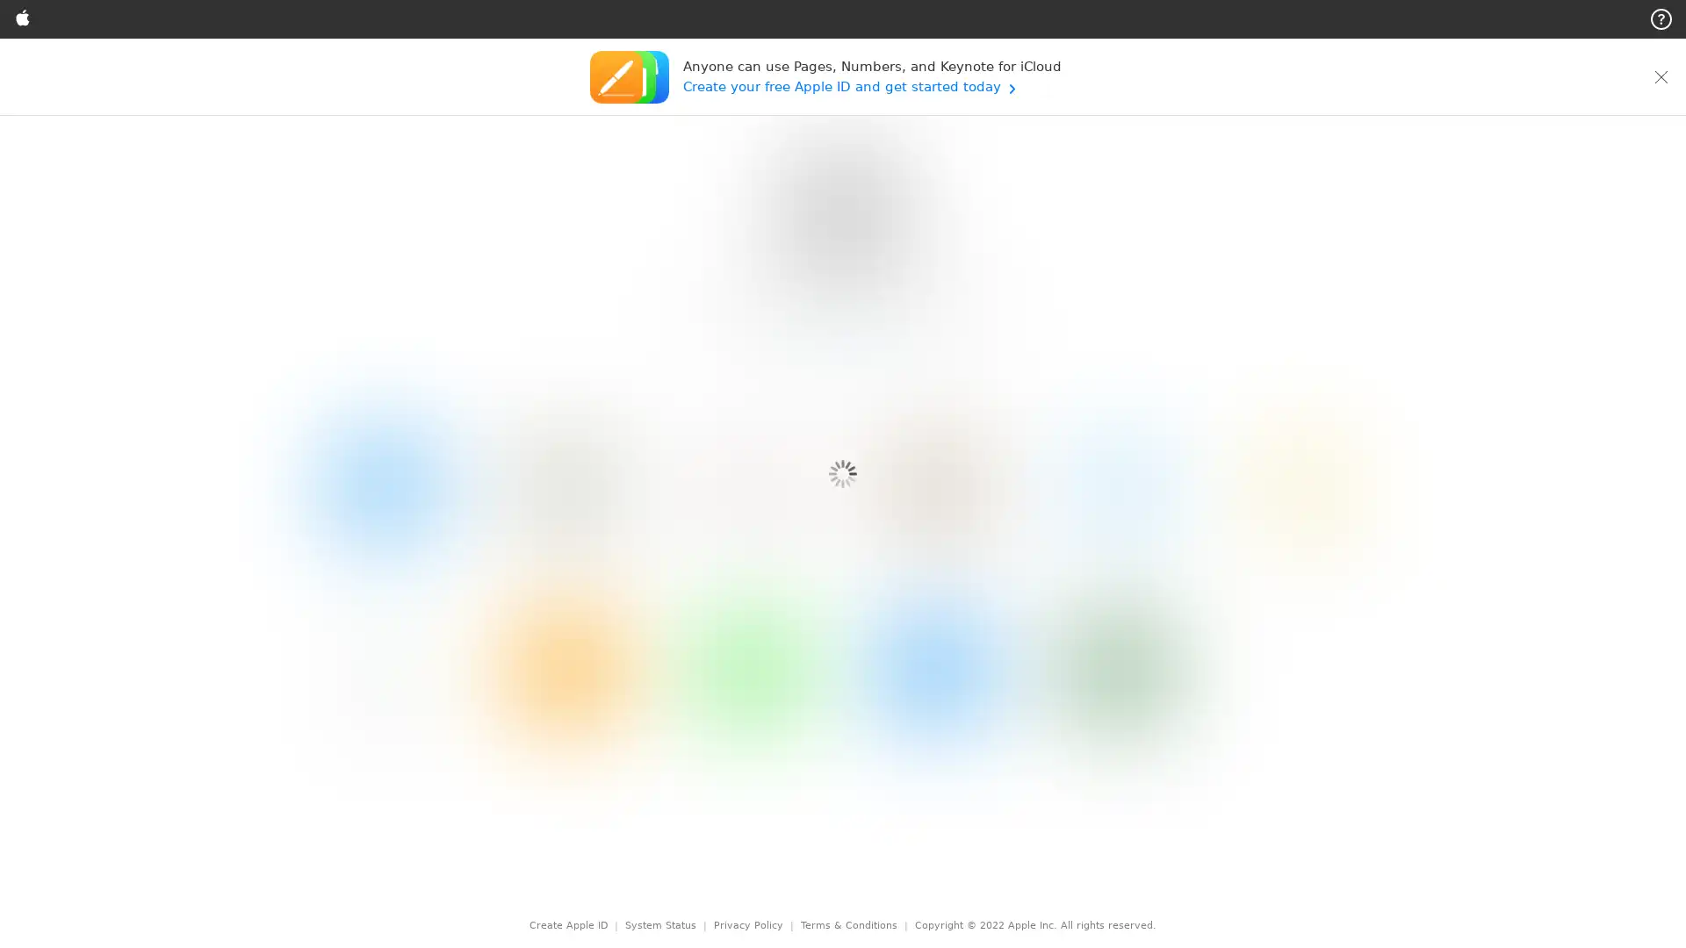  What do you see at coordinates (871, 86) in the screenshot?
I see `Create your free Apple ID and get started today` at bounding box center [871, 86].